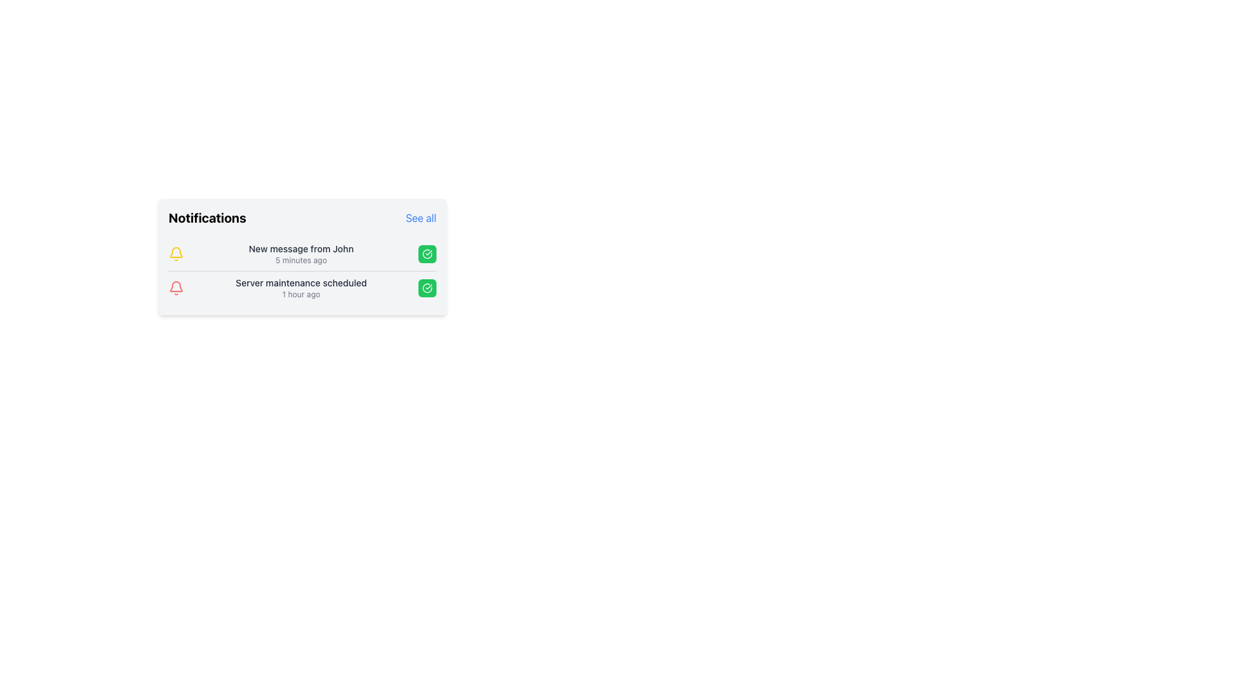 The width and height of the screenshot is (1236, 695). What do you see at coordinates (300, 295) in the screenshot?
I see `timestamp located underneath the 'Server maintenance scheduled' text label in the notification list, which is the second item in a vertical stack` at bounding box center [300, 295].